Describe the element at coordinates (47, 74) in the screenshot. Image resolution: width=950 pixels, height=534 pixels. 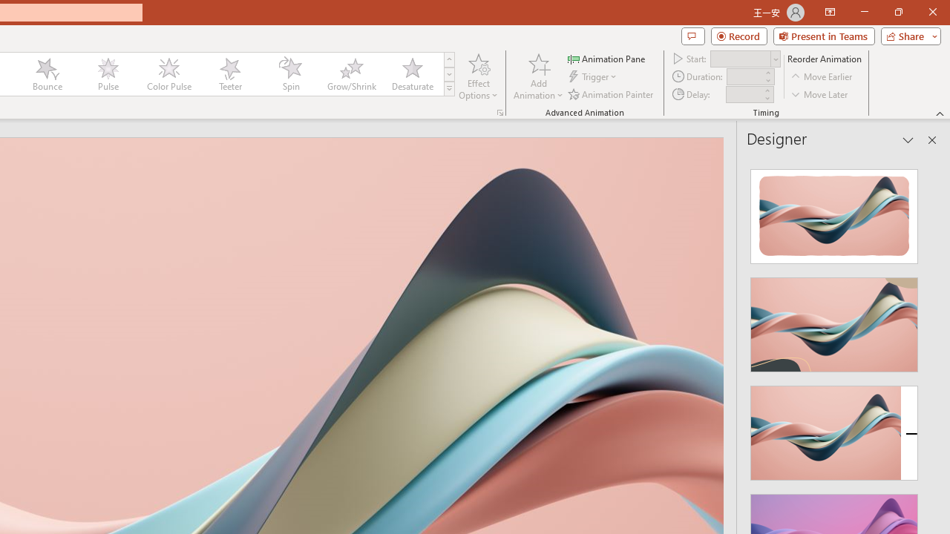
I see `'Bounce'` at that location.